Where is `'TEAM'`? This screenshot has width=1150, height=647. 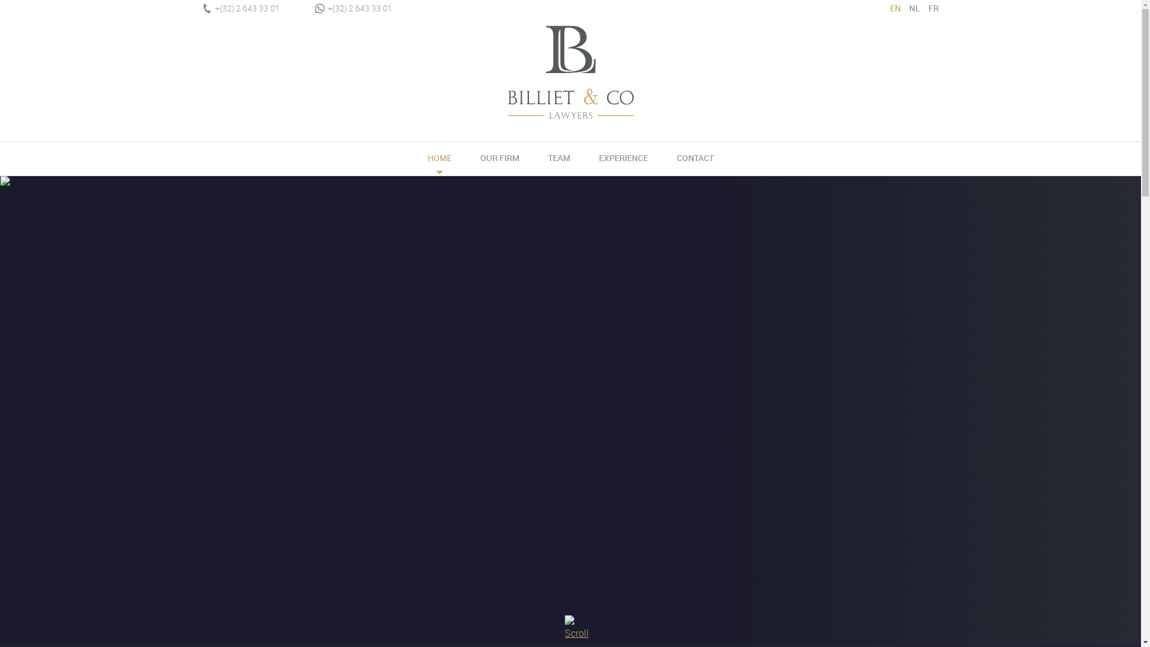 'TEAM' is located at coordinates (558, 157).